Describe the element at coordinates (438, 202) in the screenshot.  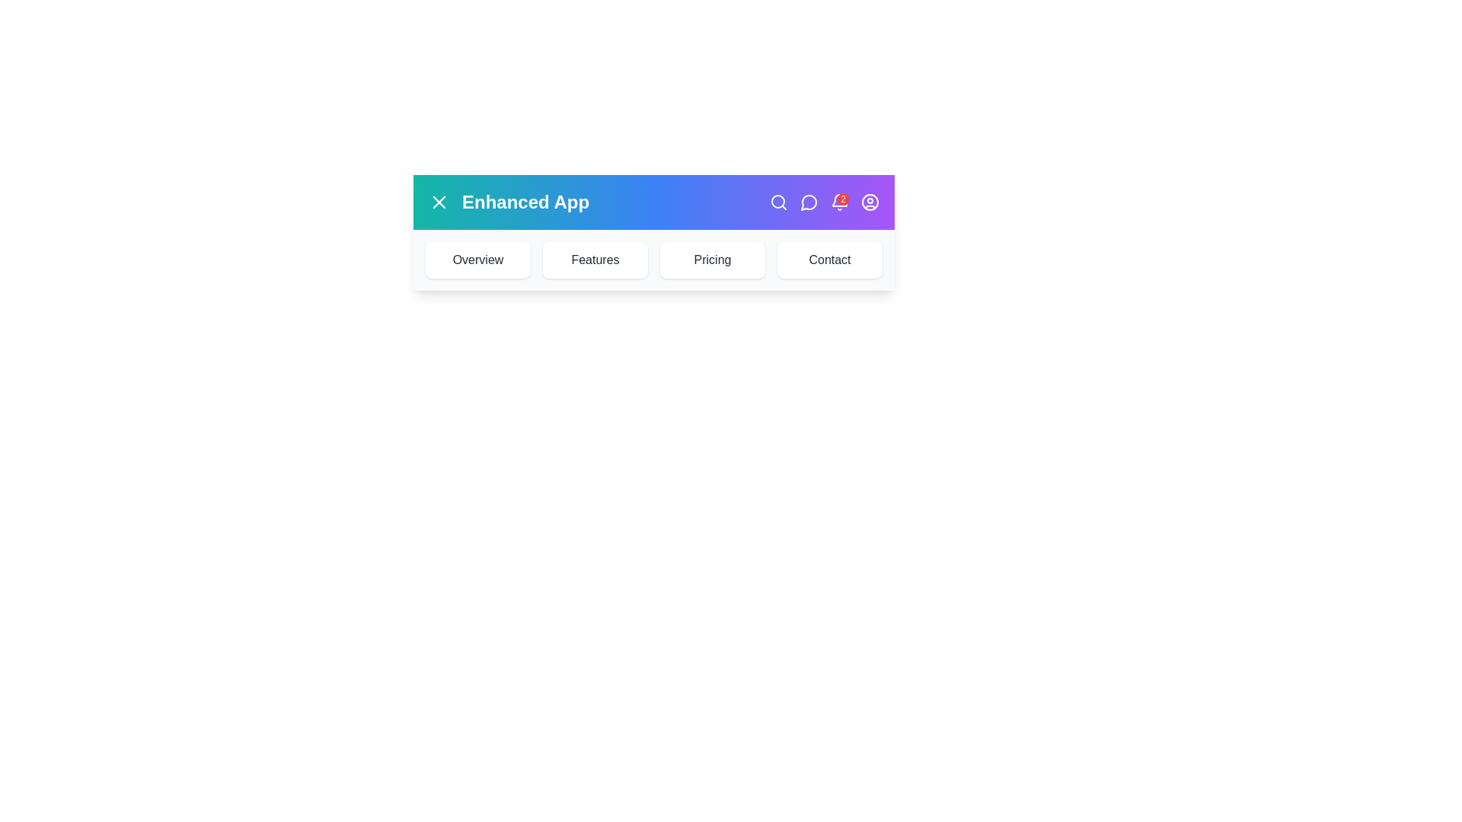
I see `the menu button to toggle the menu visibility` at that location.